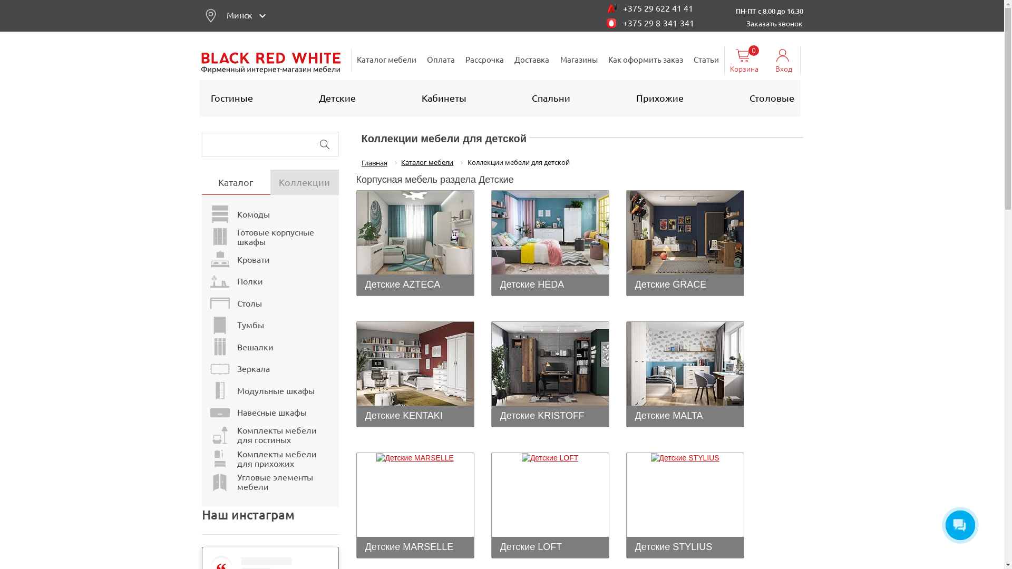 The image size is (1012, 569). What do you see at coordinates (622, 8) in the screenshot?
I see `'+375 29 622 41 41'` at bounding box center [622, 8].